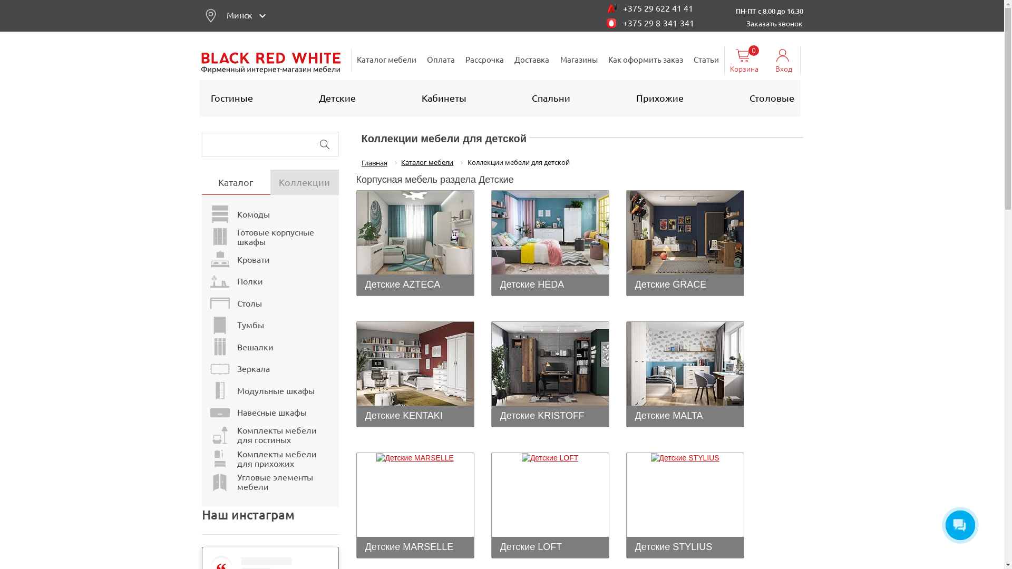 The image size is (1012, 569). What do you see at coordinates (622, 8) in the screenshot?
I see `'+375 29 622 41 41'` at bounding box center [622, 8].